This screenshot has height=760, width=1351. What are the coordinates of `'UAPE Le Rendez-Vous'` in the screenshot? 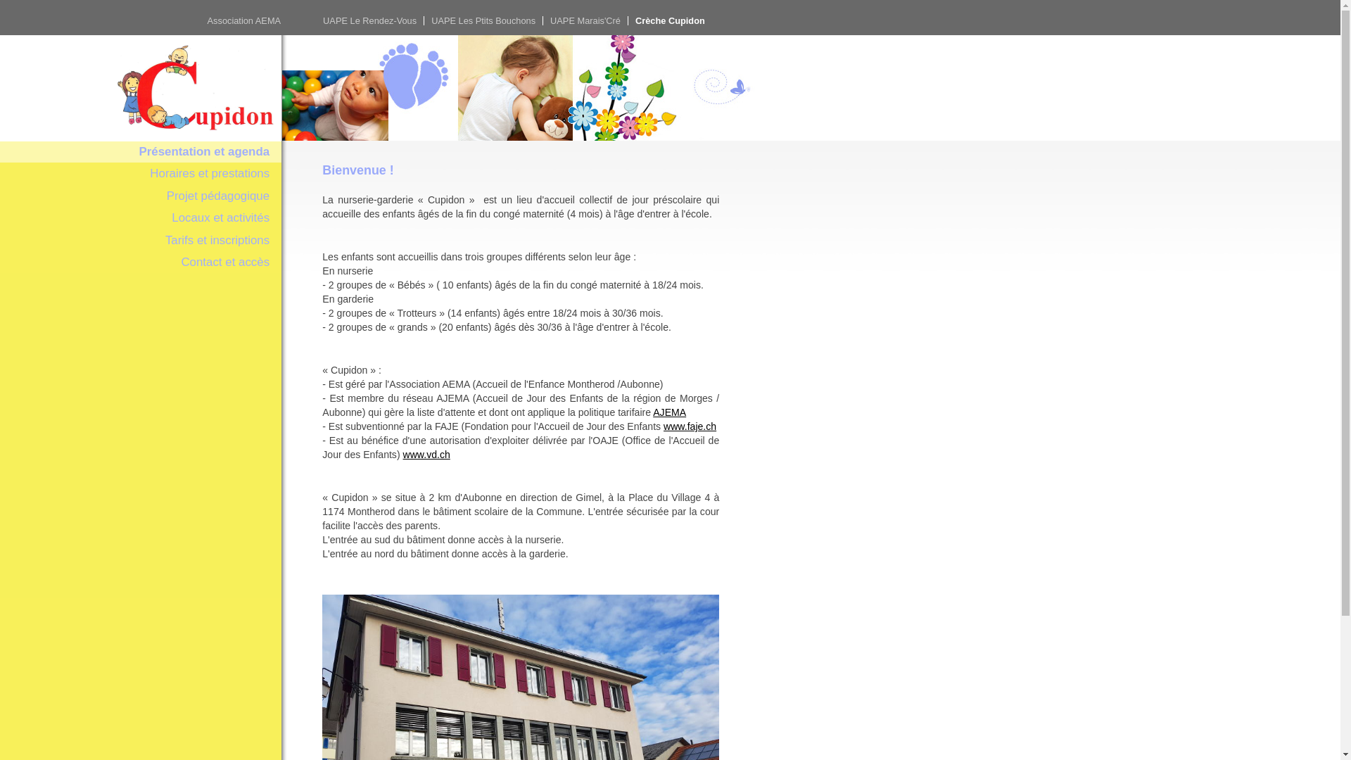 It's located at (369, 20).